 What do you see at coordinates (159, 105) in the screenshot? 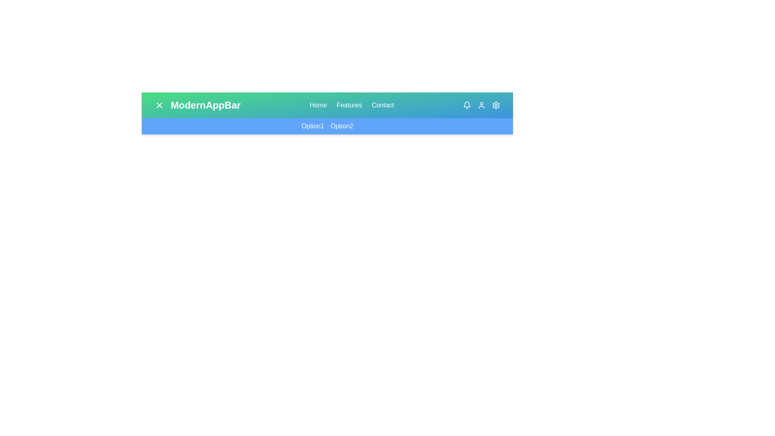
I see `the toggle button to change the menu visibility state` at bounding box center [159, 105].